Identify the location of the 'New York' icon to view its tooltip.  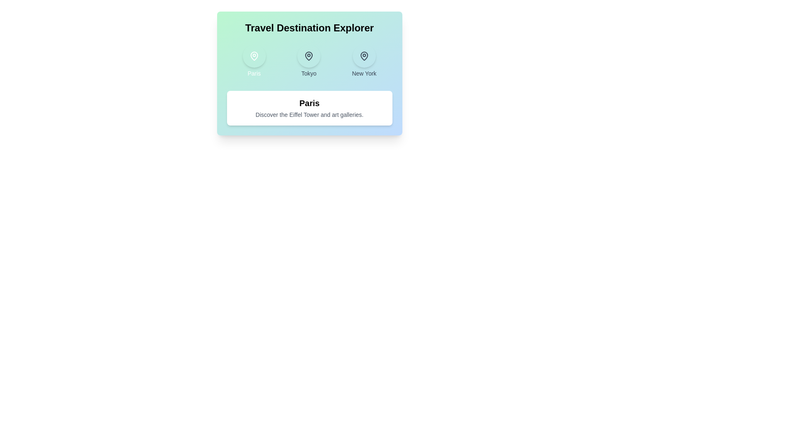
(364, 56).